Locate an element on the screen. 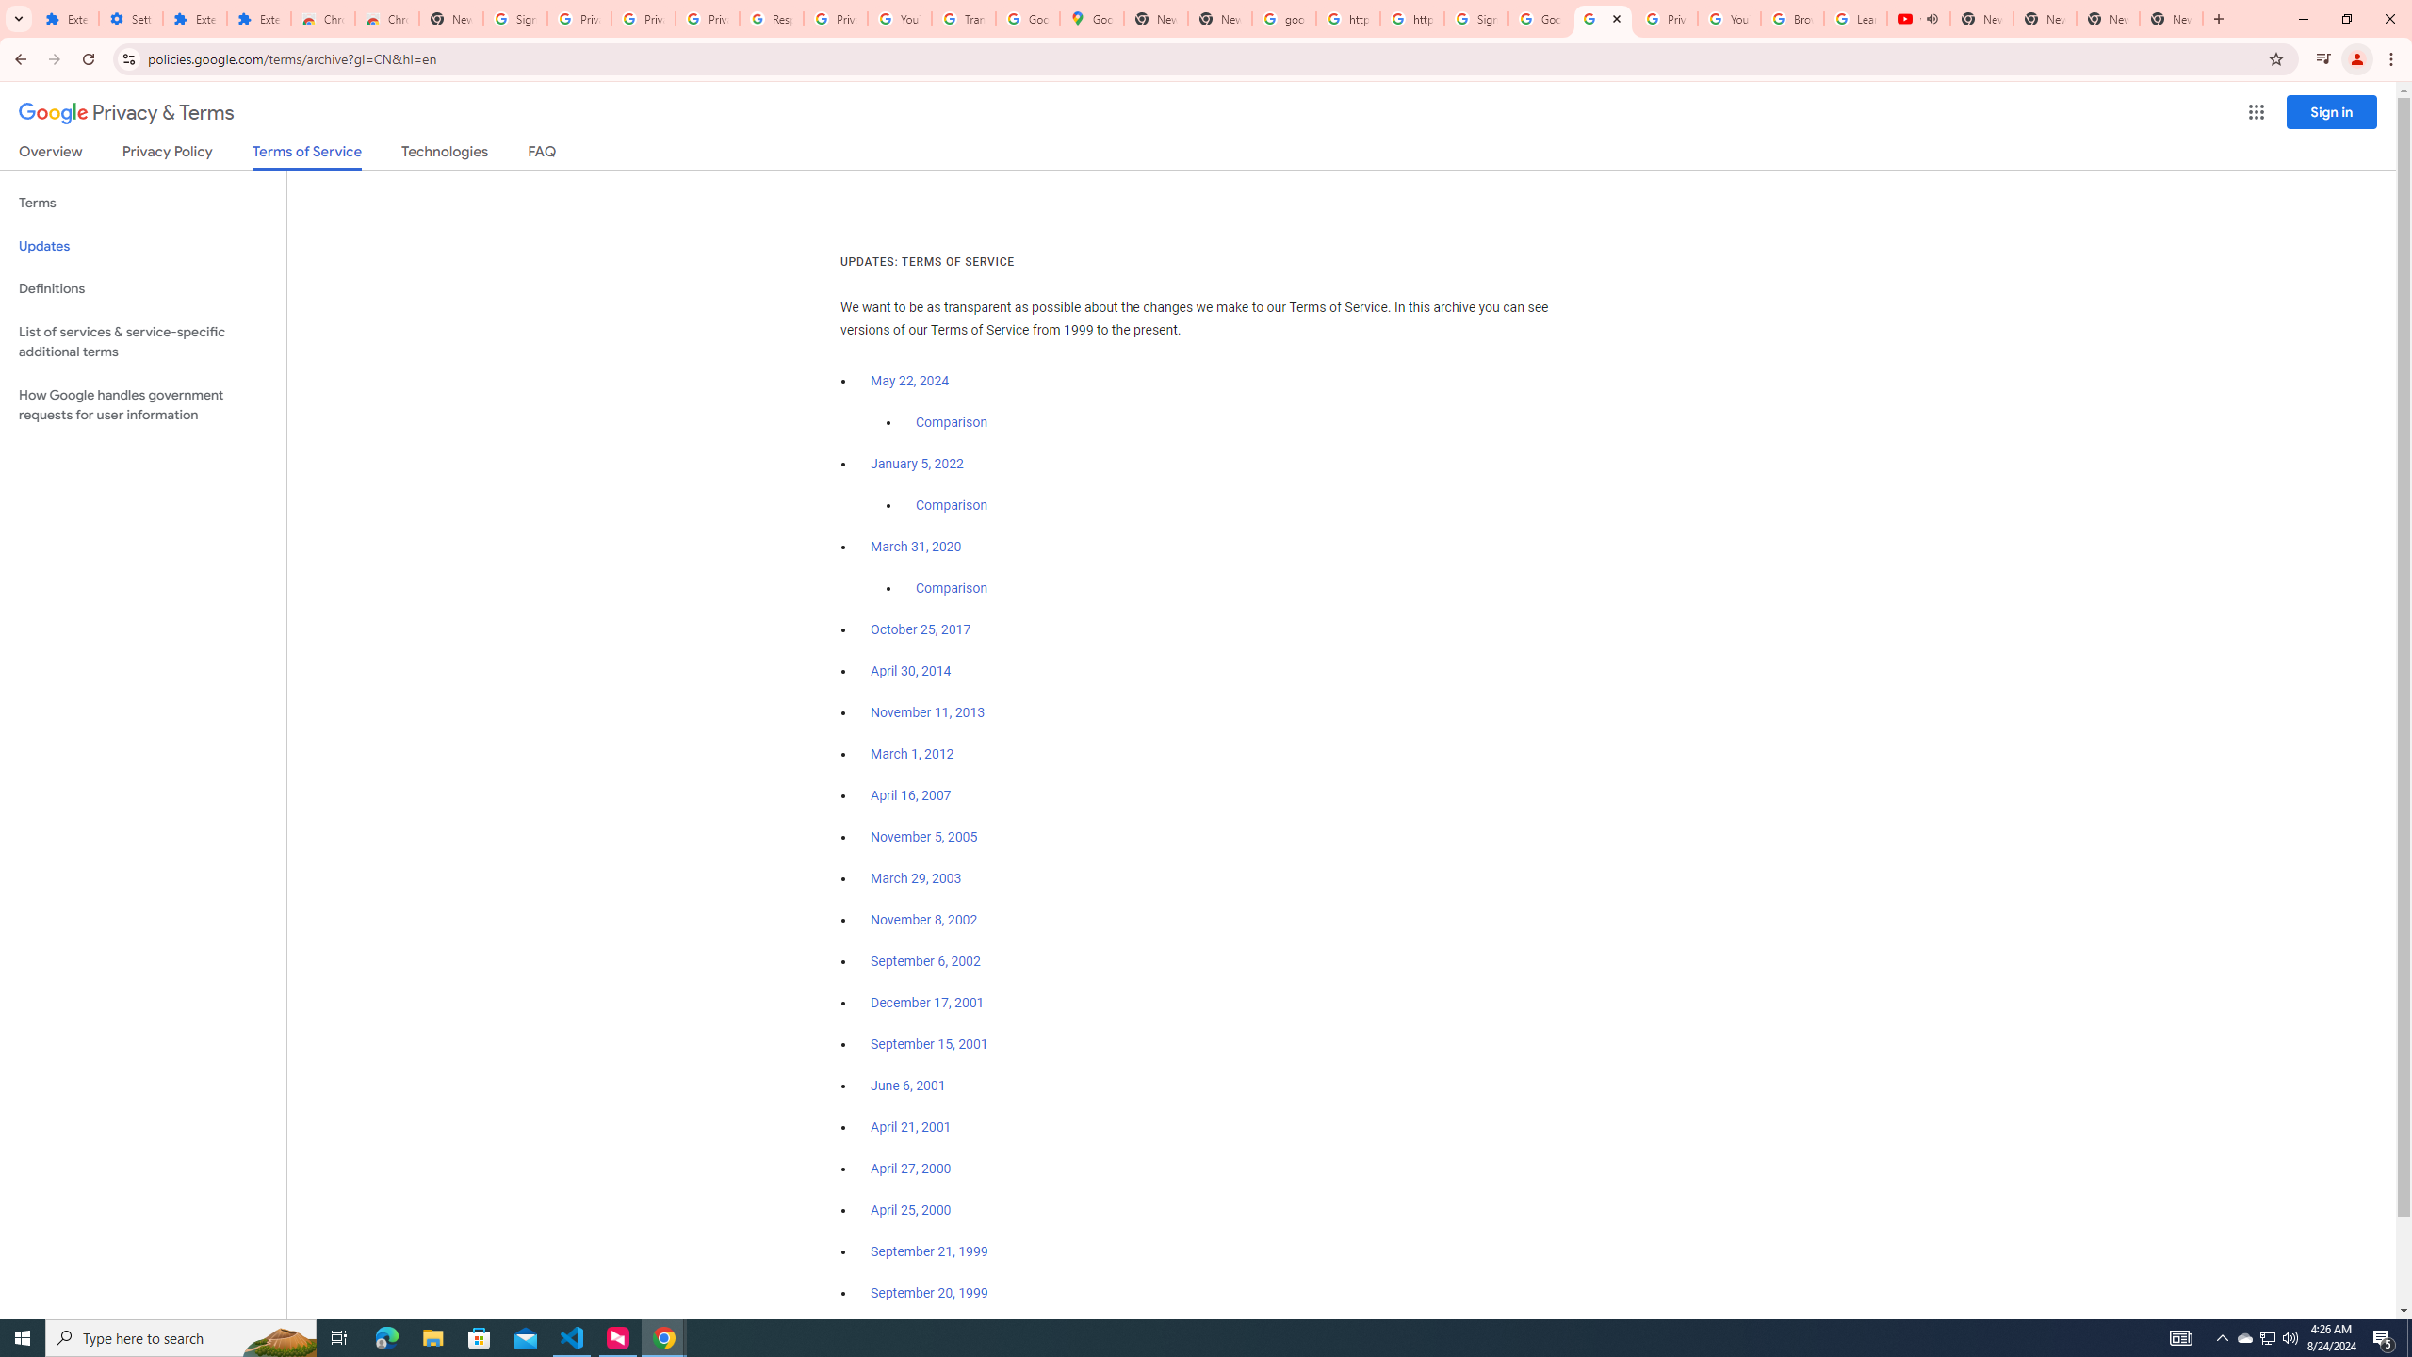  'September 21, 1999' is located at coordinates (929, 1250).